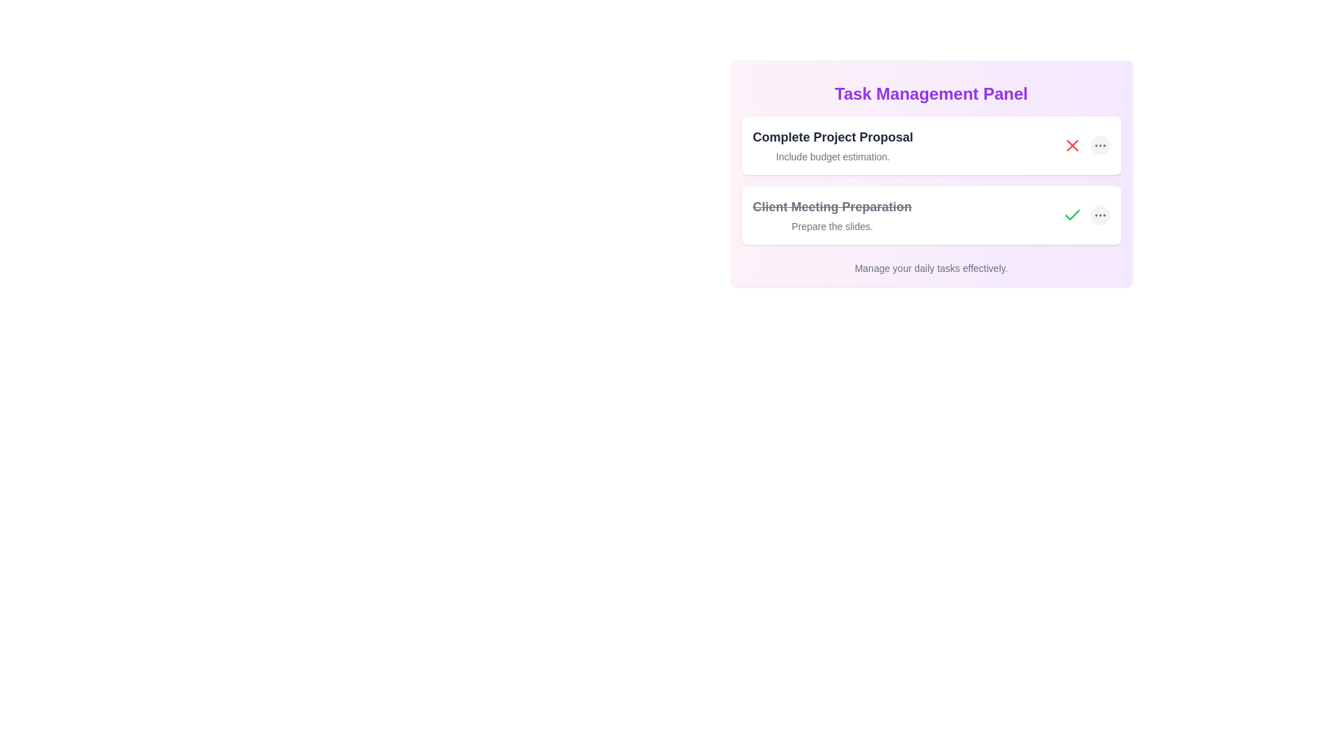 This screenshot has height=753, width=1339. I want to click on the green checkmark button located in the bottom right corner of the interface to mark the task 'Client Meeting Preparation' as completed, so click(1084, 215).